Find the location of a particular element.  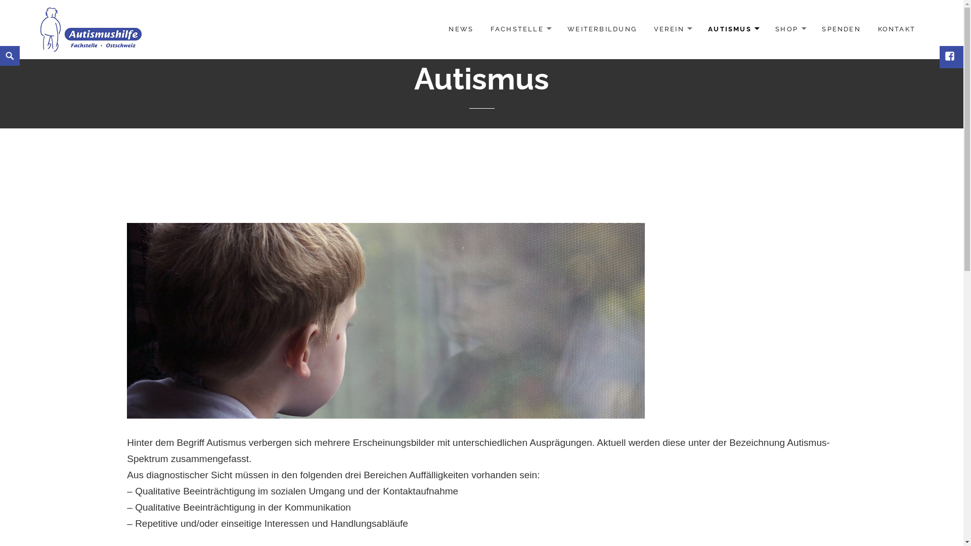

'FACHSTELLE' is located at coordinates (520, 29).